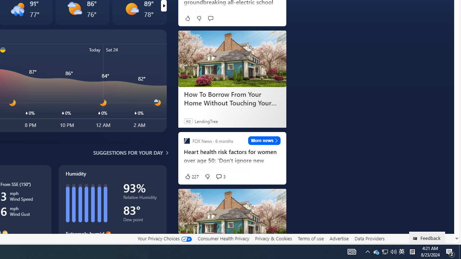  I want to click on 'Terms of use', so click(310, 238).